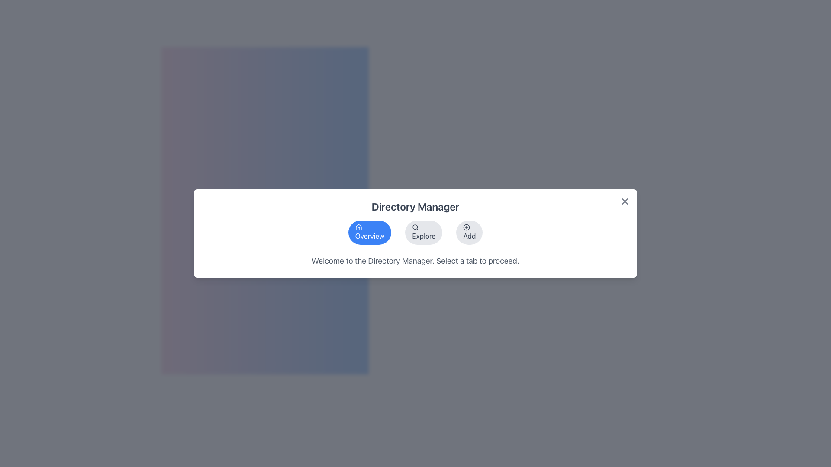  What do you see at coordinates (415, 261) in the screenshot?
I see `the text label that says 'Welcome to the Directory Manager. Select a tab to proceed.' located at the bottom of the modal dialogue box, just beneath the interactive tabs` at bounding box center [415, 261].